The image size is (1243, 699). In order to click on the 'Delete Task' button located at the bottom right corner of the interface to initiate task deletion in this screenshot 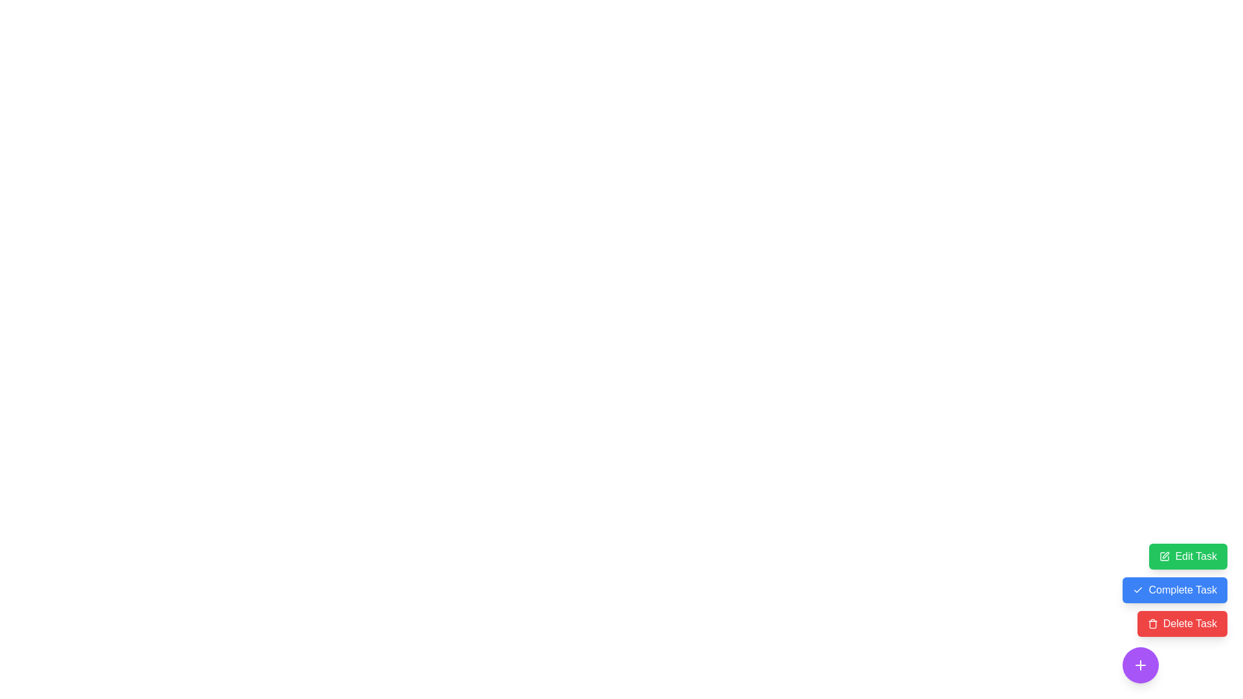, I will do `click(1182, 623)`.